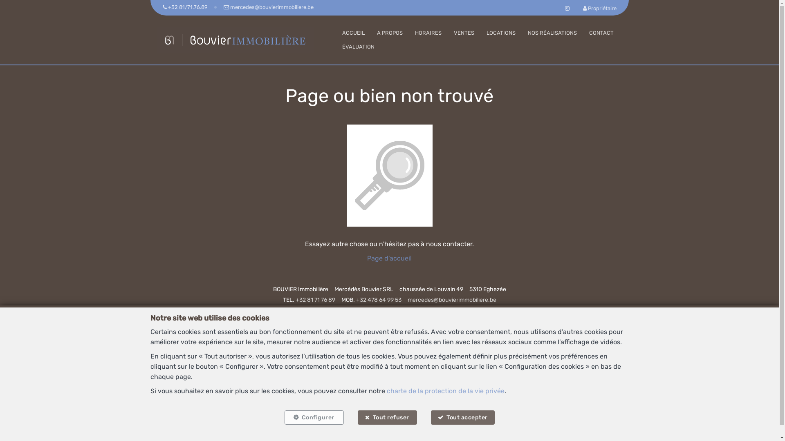  What do you see at coordinates (376, 32) in the screenshot?
I see `'A PROPOS'` at bounding box center [376, 32].